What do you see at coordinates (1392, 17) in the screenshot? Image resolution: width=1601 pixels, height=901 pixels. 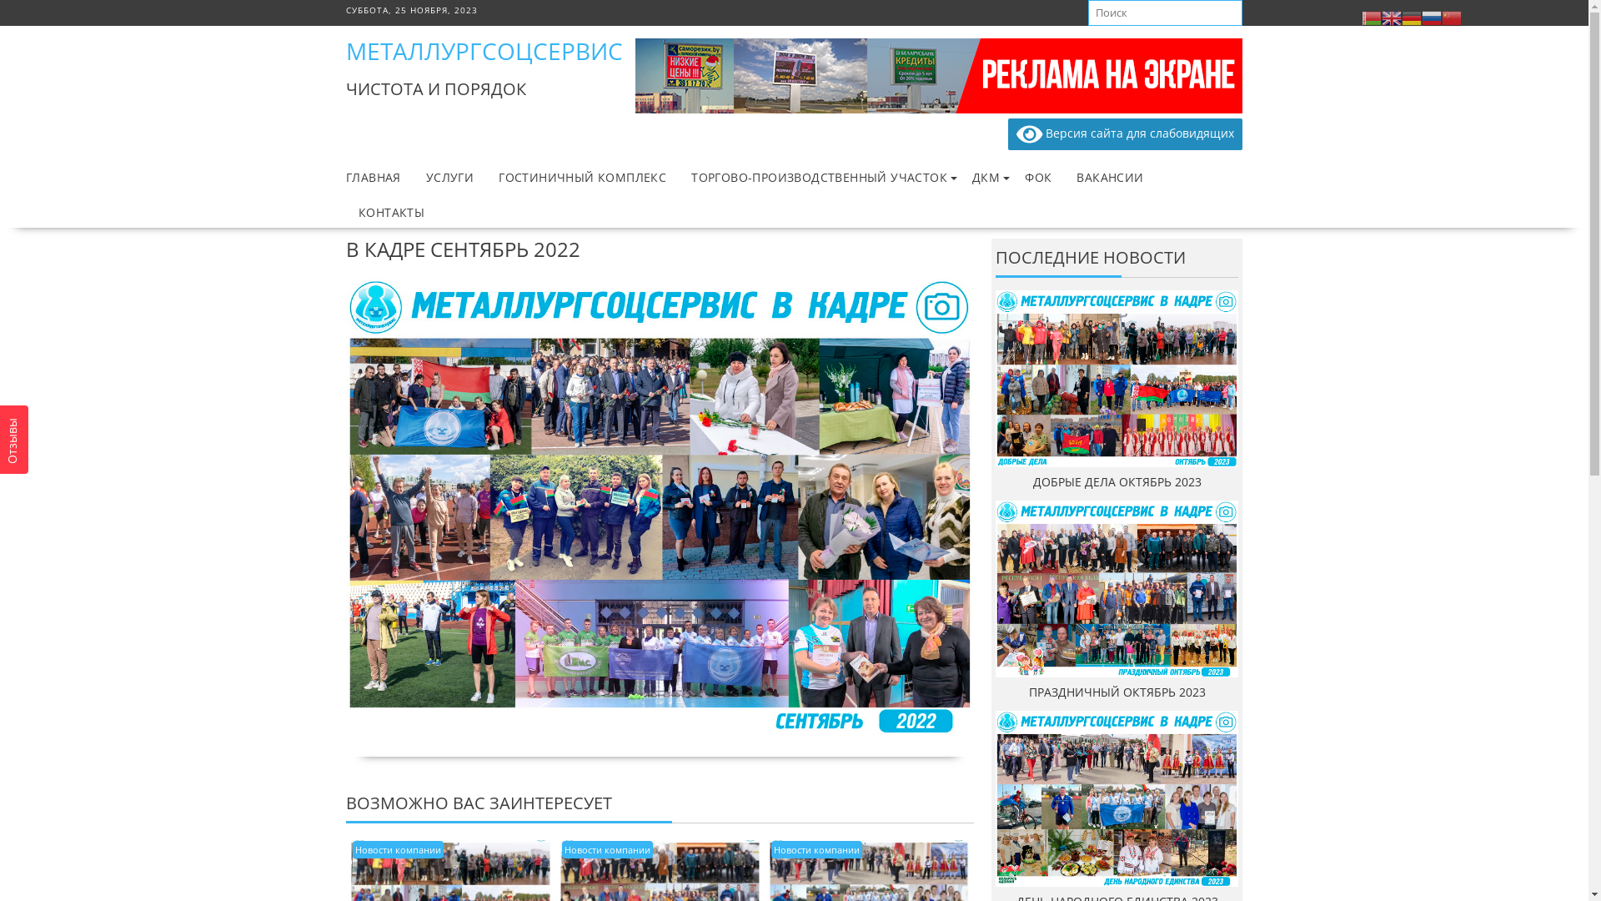 I see `'English'` at bounding box center [1392, 17].